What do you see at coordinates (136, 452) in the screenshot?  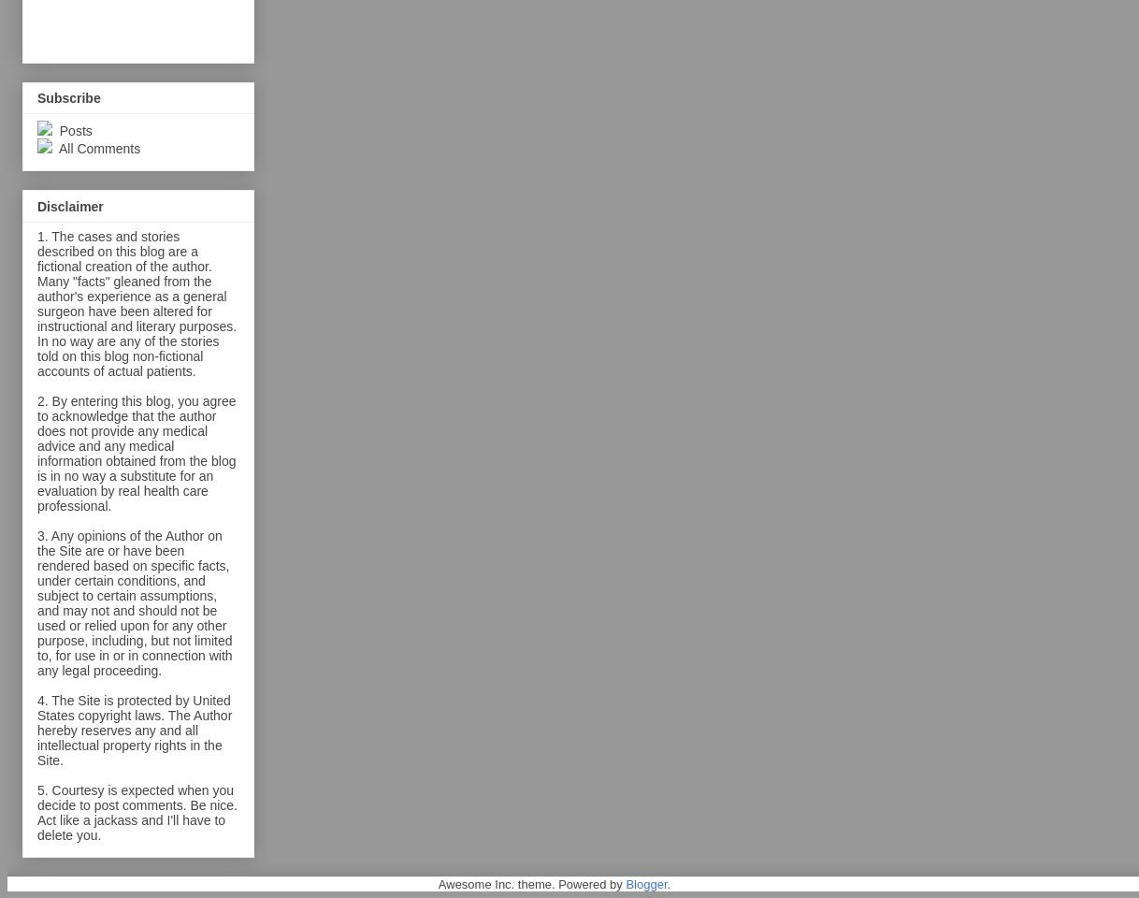 I see `'2. By entering this blog, you agree to acknowledge that the author does not provide any medical advice and any medical information obtained from the blog is in no way a substitute for an evaluation by real health care professional.'` at bounding box center [136, 452].